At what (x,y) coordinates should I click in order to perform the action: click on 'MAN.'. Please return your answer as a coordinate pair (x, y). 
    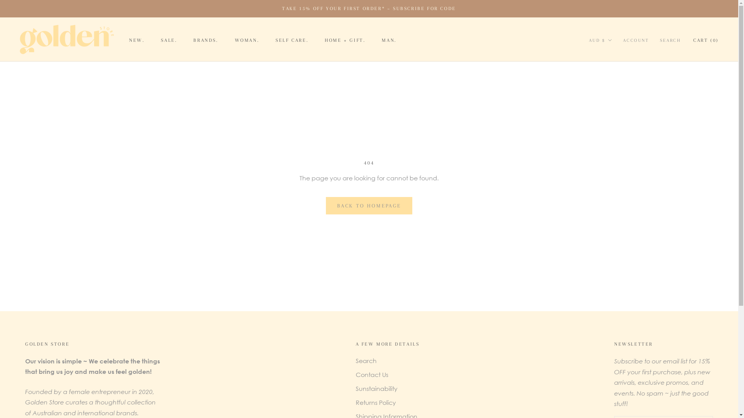
    Looking at the image, I should click on (389, 40).